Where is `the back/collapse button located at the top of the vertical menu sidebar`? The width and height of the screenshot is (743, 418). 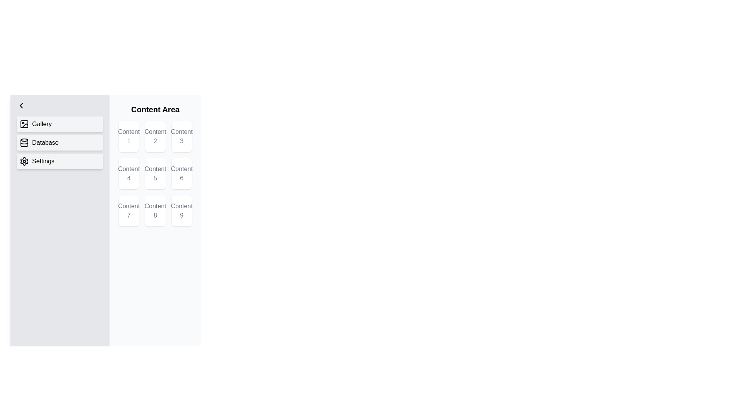 the back/collapse button located at the top of the vertical menu sidebar is located at coordinates (59, 106).